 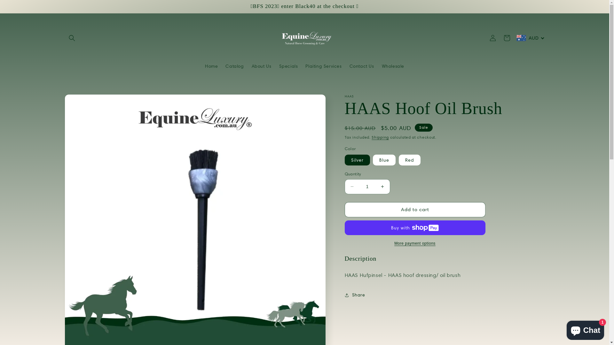 What do you see at coordinates (380, 137) in the screenshot?
I see `'Shipping'` at bounding box center [380, 137].